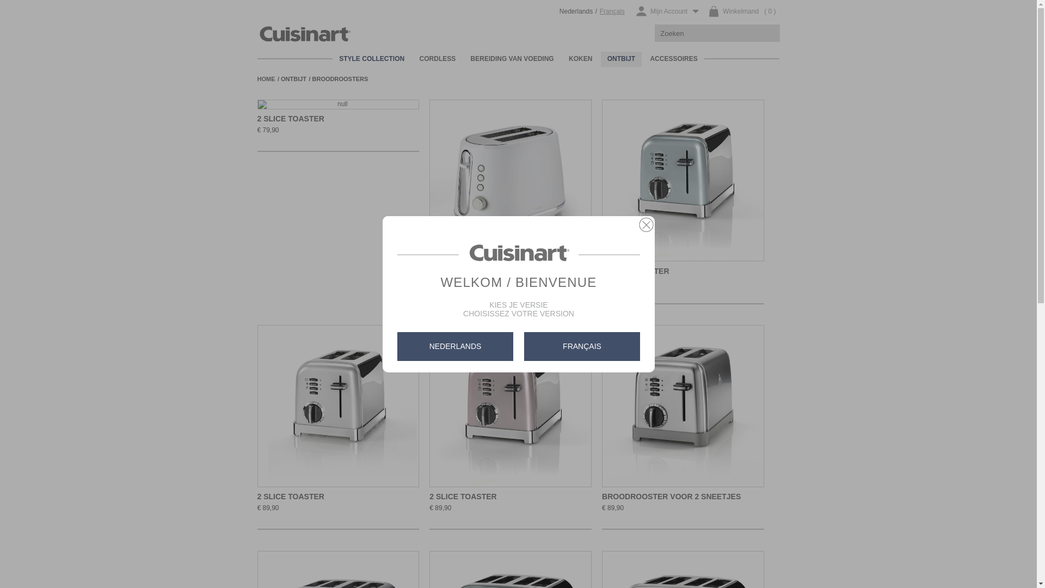 The height and width of the screenshot is (588, 1045). I want to click on 'CLOSE', so click(637, 224).